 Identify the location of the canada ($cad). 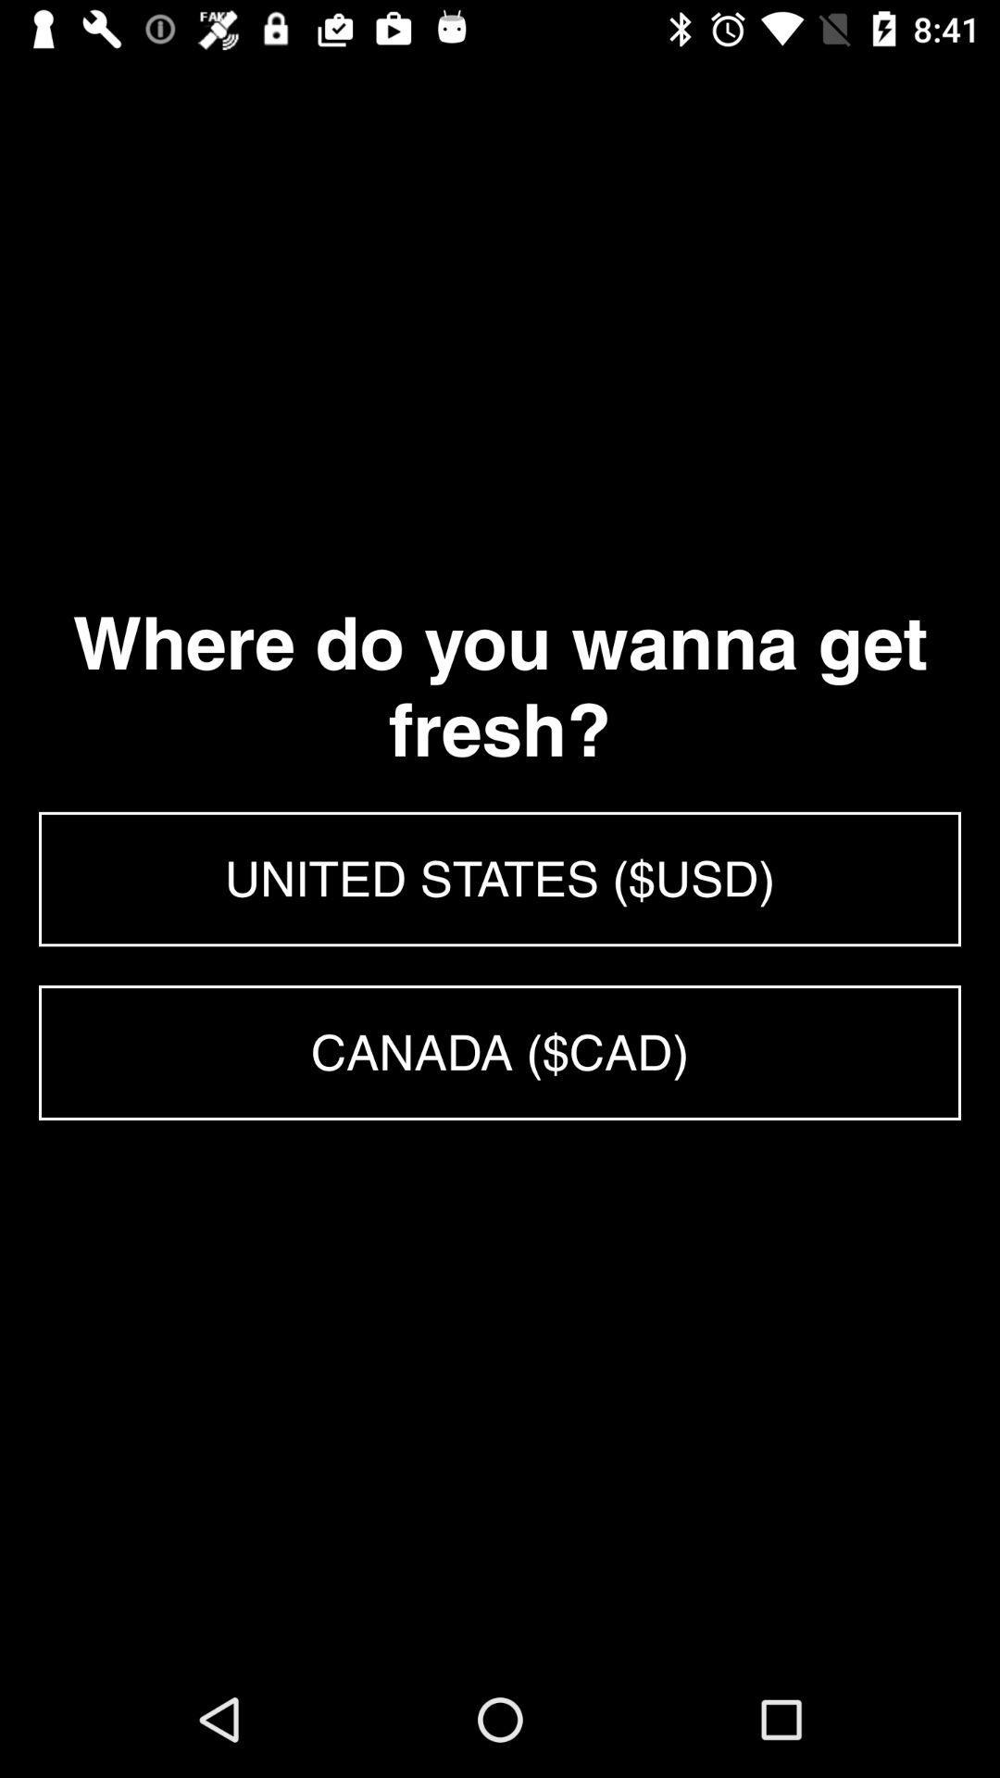
(500, 1053).